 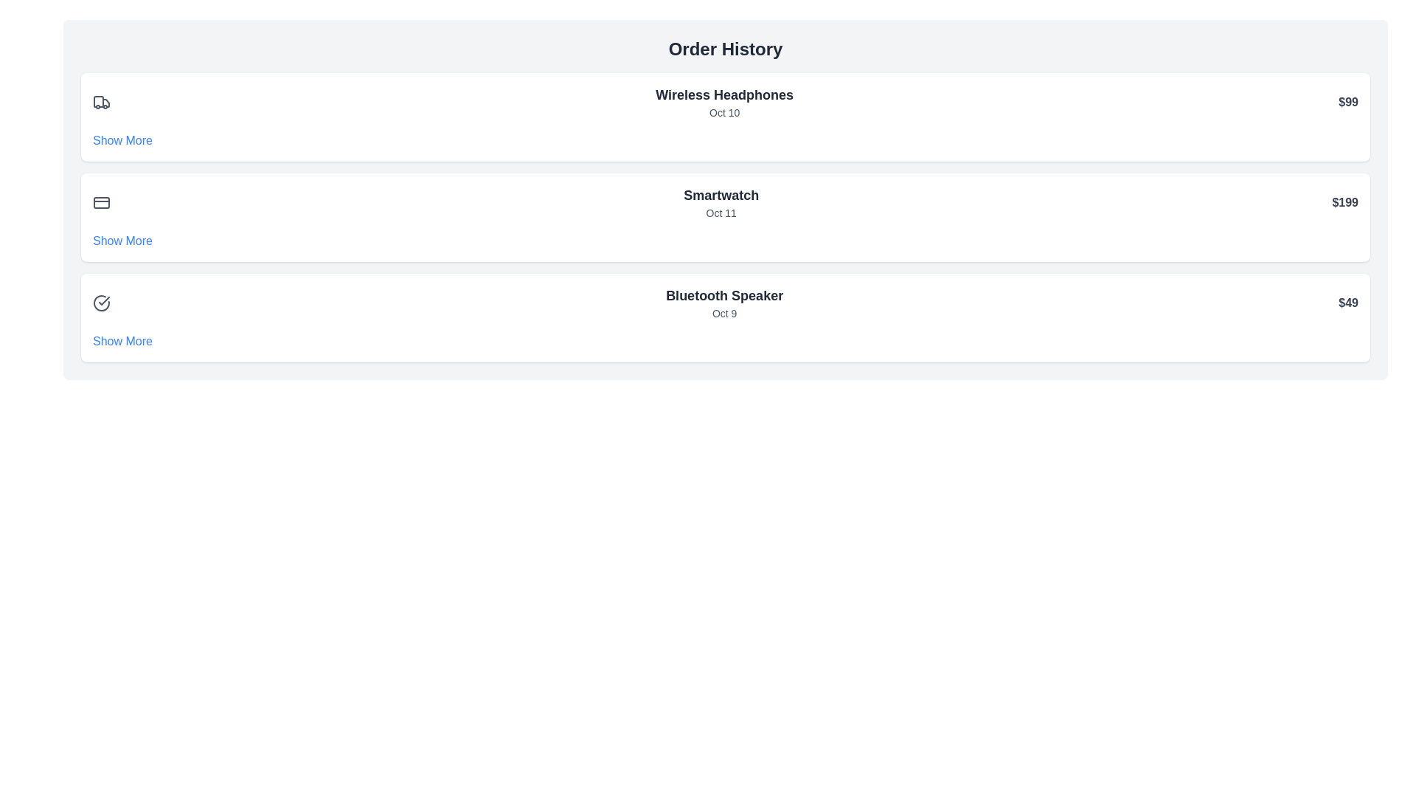 I want to click on the product name text label that displays the name of a product within a list of ordered items, located between 'Smartwatch' and 'Wireless Headphones', so click(x=724, y=296).